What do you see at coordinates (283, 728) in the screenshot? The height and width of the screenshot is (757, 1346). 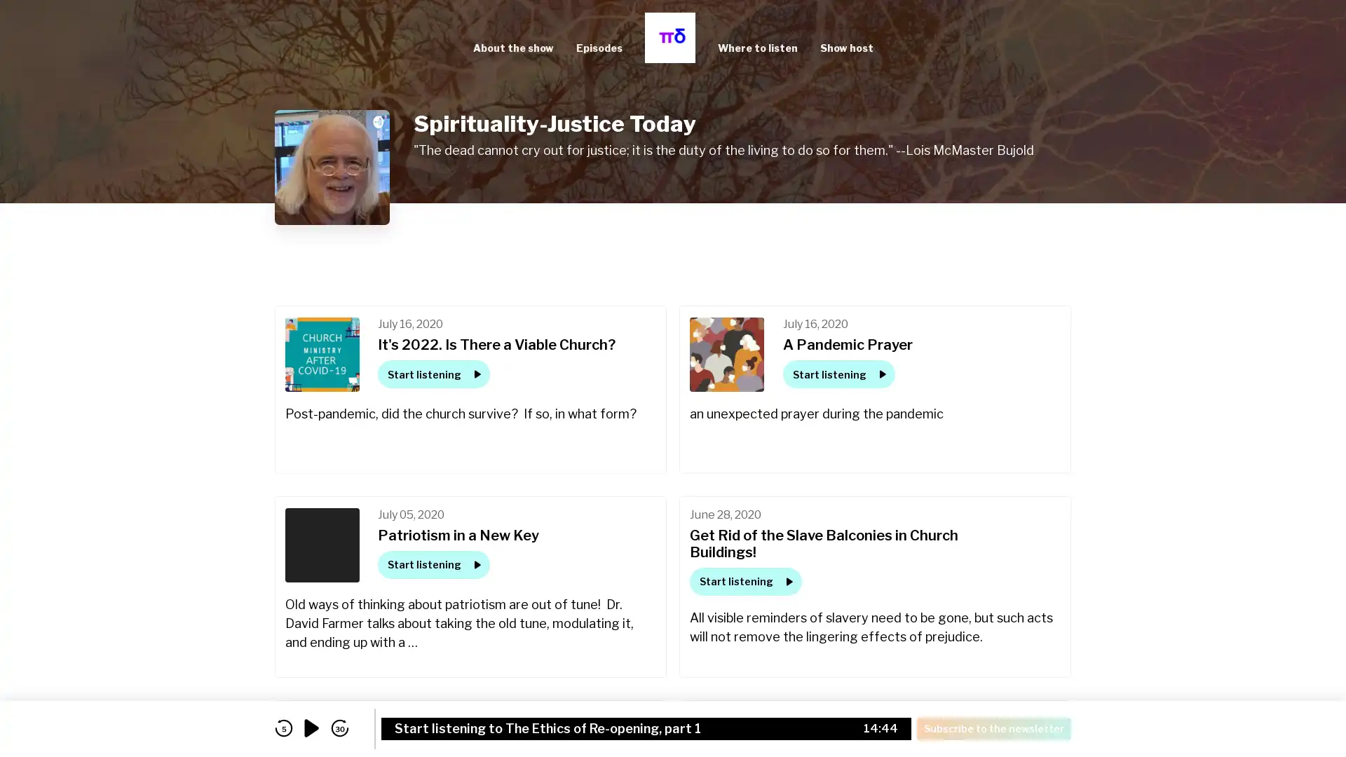 I see `skip back 5 seconds` at bounding box center [283, 728].